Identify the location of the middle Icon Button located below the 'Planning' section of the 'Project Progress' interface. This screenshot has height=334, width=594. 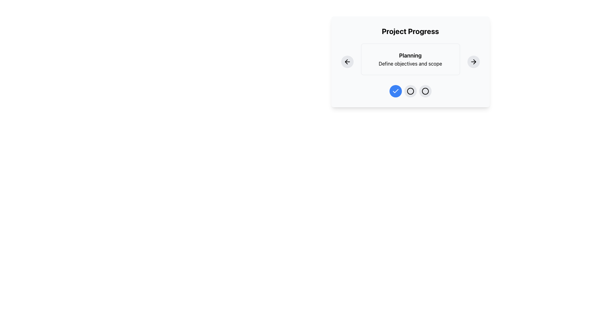
(410, 91).